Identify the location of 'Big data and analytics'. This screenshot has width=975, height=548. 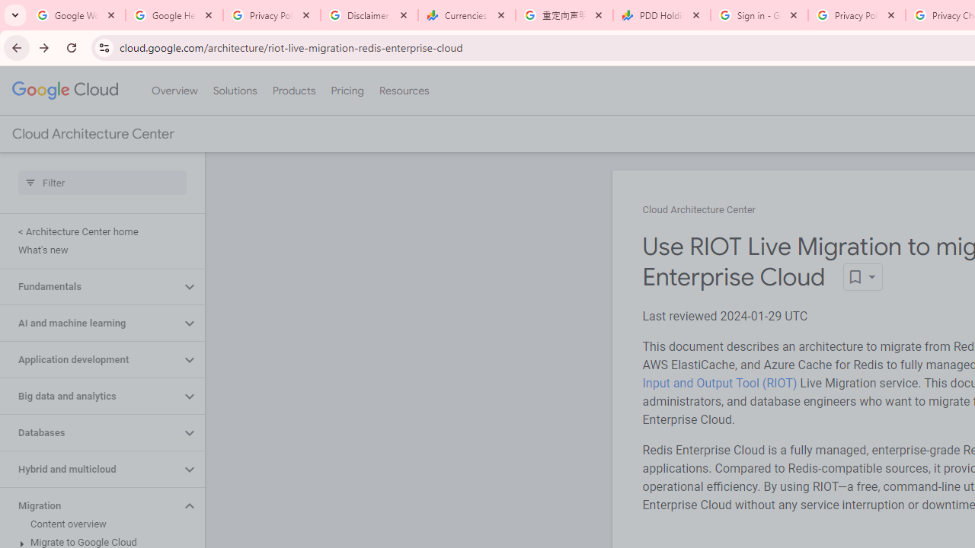
(89, 395).